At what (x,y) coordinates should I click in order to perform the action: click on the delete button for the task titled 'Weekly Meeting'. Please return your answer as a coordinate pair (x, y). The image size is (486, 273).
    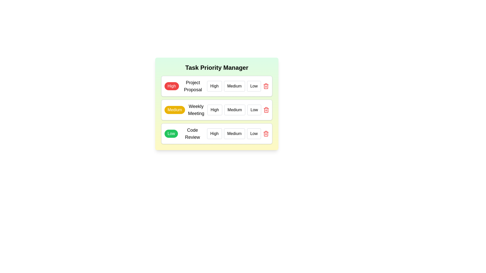
    Looking at the image, I should click on (266, 110).